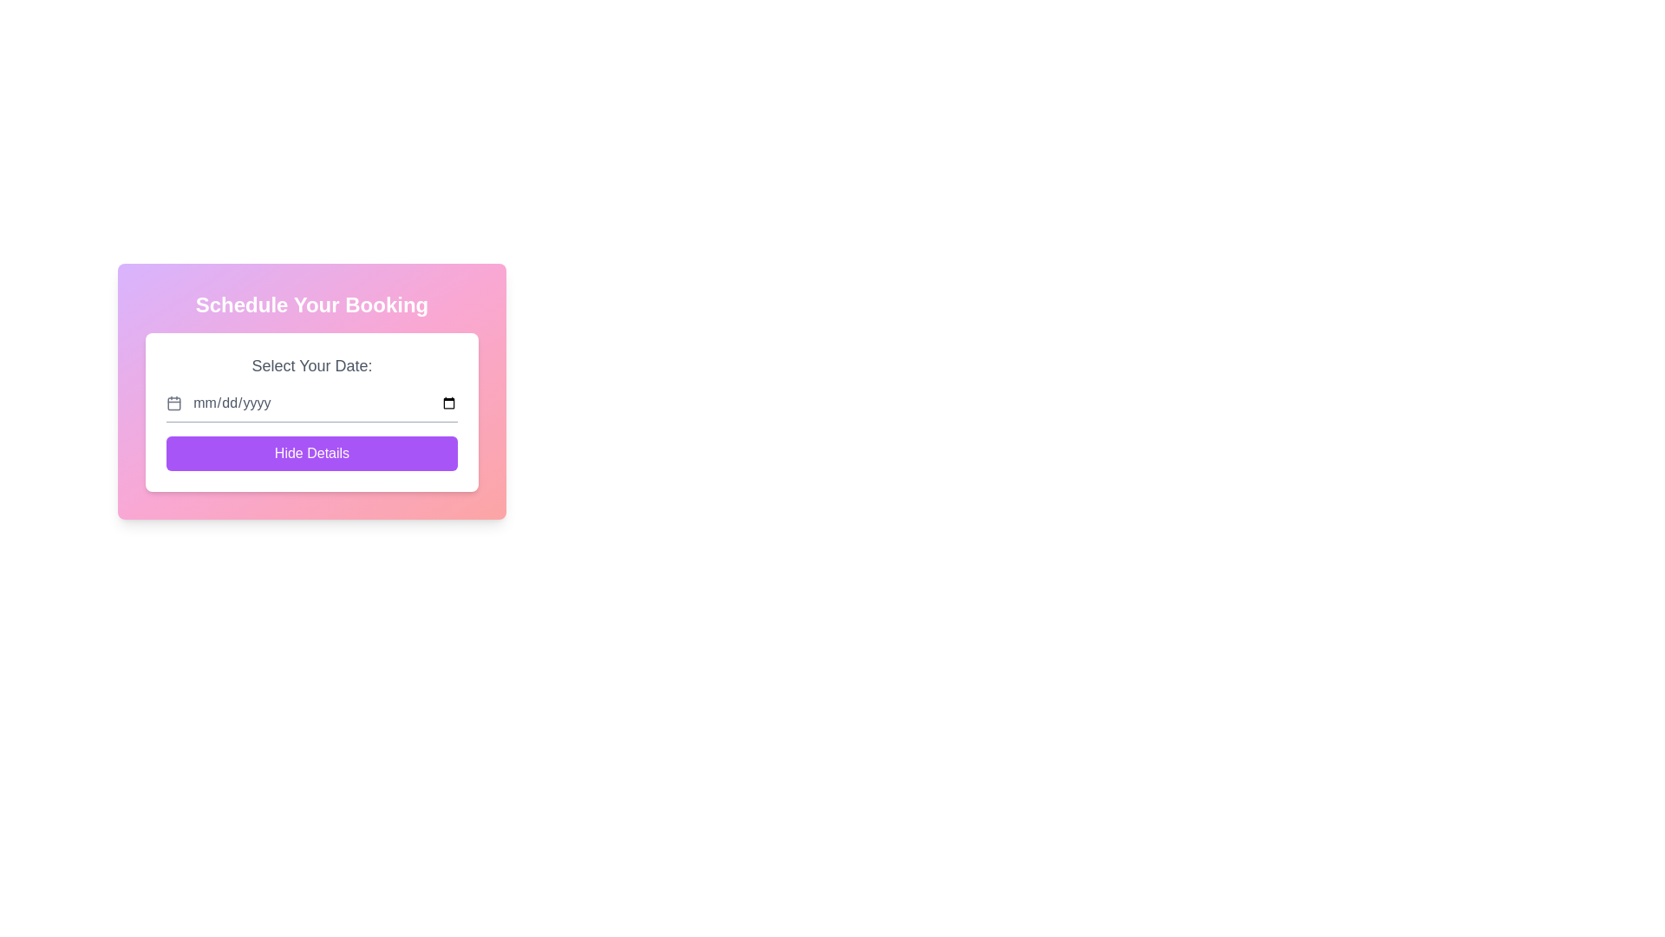  Describe the element at coordinates (174, 403) in the screenshot. I see `the date selection icon located to the left of the text input field that allows users to select a date` at that location.